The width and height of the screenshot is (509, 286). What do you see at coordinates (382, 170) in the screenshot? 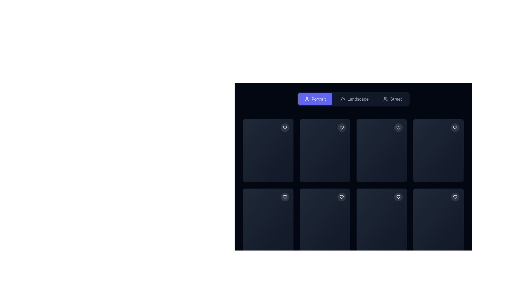
I see `the dark rectangular card in the middle row and middle column of the grid layout, which has rounded corners and a deep gray color` at bounding box center [382, 170].